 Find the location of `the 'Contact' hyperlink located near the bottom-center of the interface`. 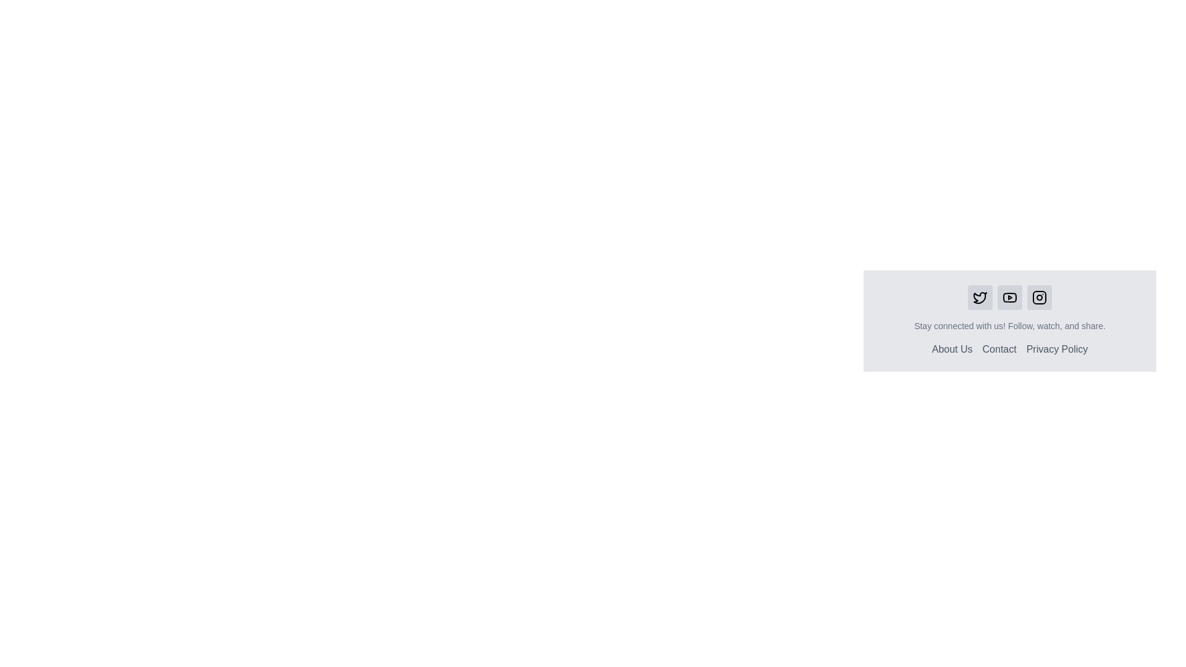

the 'Contact' hyperlink located near the bottom-center of the interface is located at coordinates (999, 350).